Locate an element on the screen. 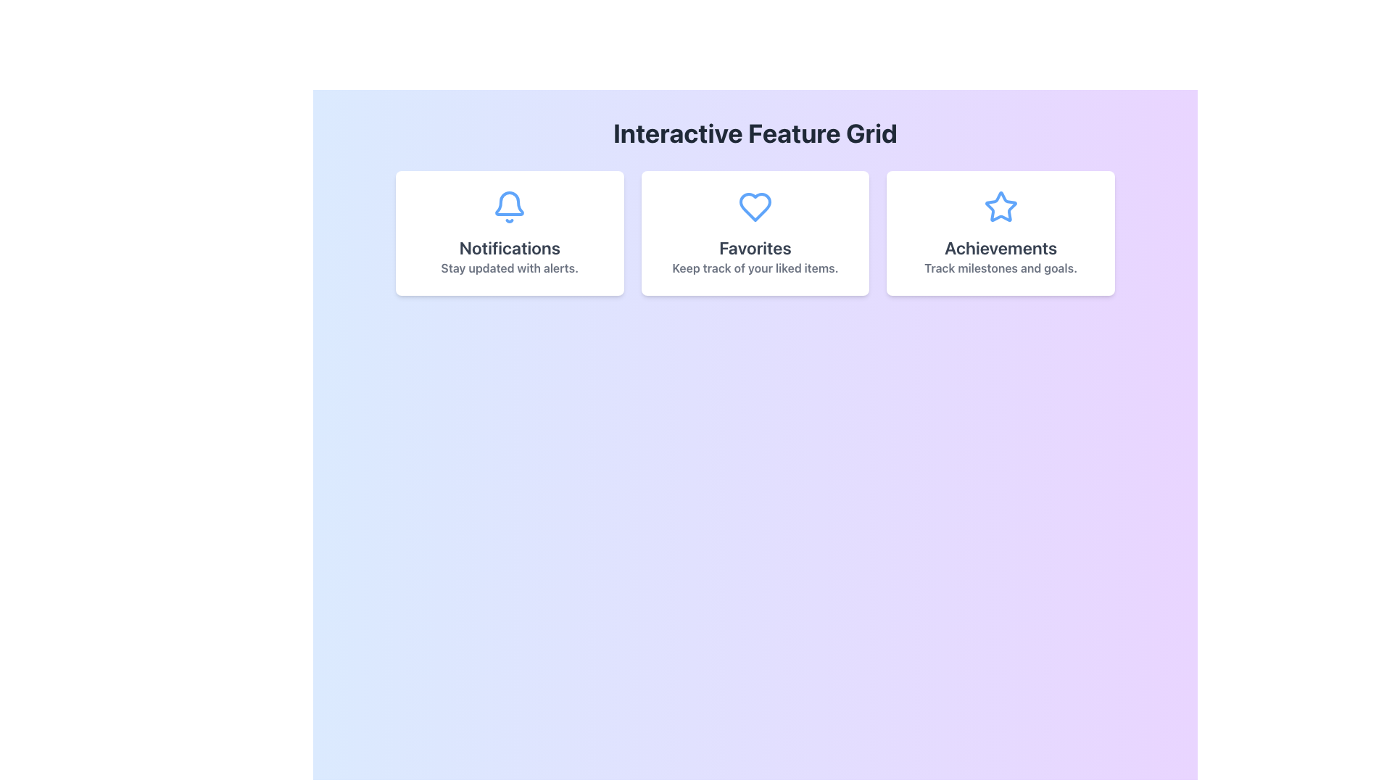 This screenshot has height=783, width=1392. the decorative 'Achievements' icon located in the rightmost card of the 'Interactive Feature Grid' is located at coordinates (1000, 207).